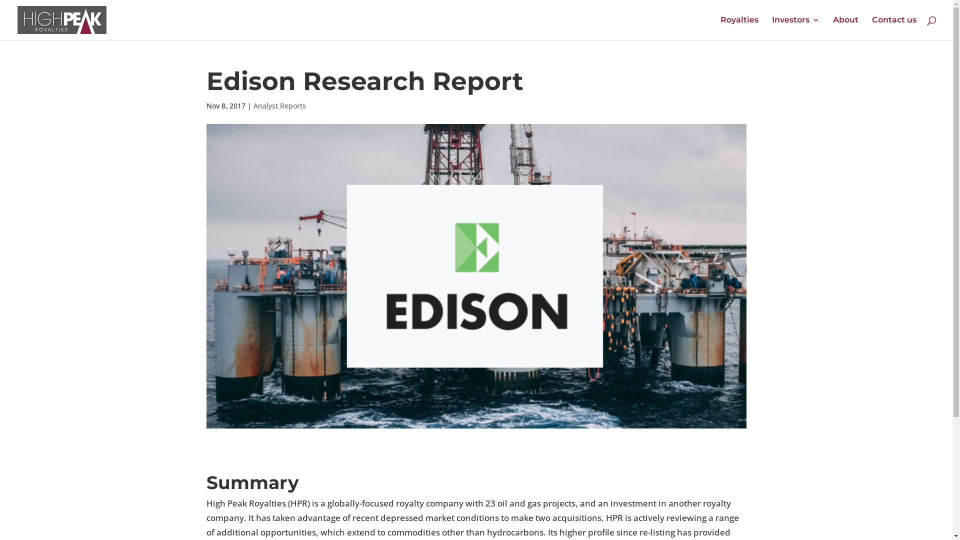 This screenshot has width=960, height=540. What do you see at coordinates (720, 27) in the screenshot?
I see `'Royalties'` at bounding box center [720, 27].